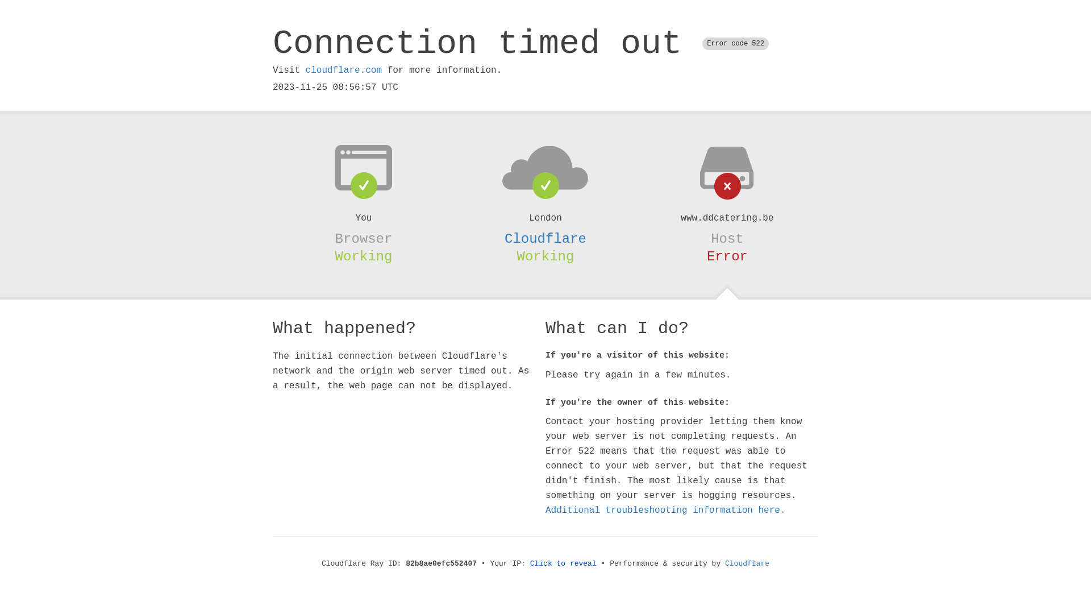 Image resolution: width=1091 pixels, height=614 pixels. What do you see at coordinates (747, 563) in the screenshot?
I see `'Cloudflare'` at bounding box center [747, 563].